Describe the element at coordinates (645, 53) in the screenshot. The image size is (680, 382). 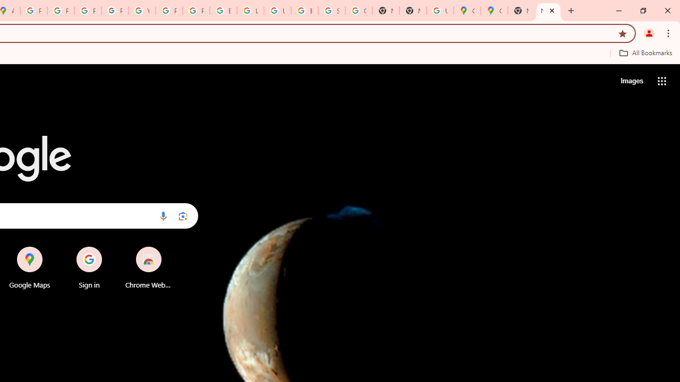
I see `'All Bookmarks'` at that location.